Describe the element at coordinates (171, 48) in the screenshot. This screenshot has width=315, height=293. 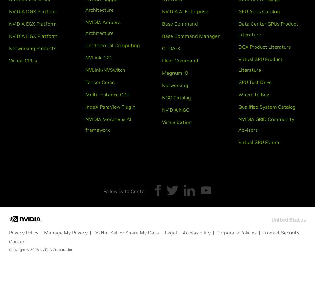
I see `'CUDA-X'` at that location.